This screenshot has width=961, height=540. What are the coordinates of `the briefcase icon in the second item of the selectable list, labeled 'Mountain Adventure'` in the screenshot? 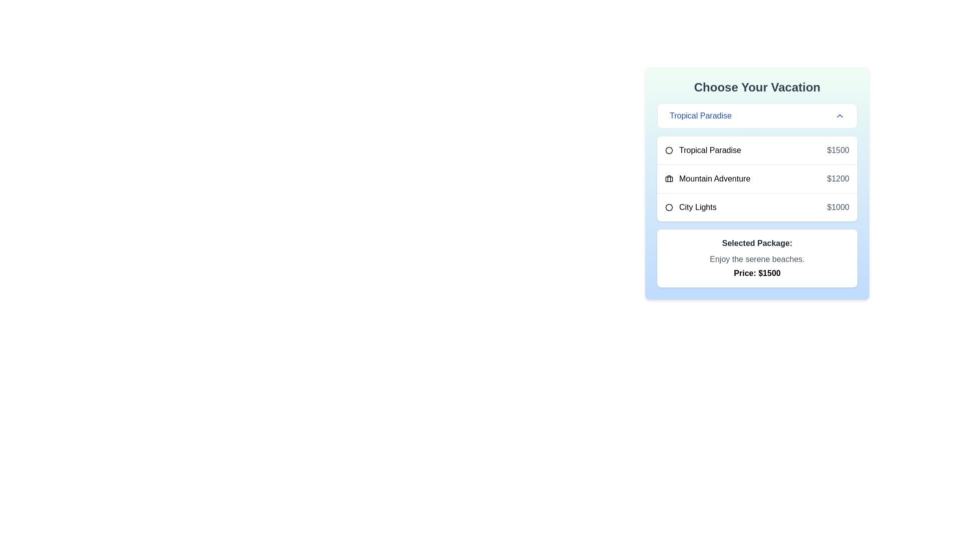 It's located at (757, 178).